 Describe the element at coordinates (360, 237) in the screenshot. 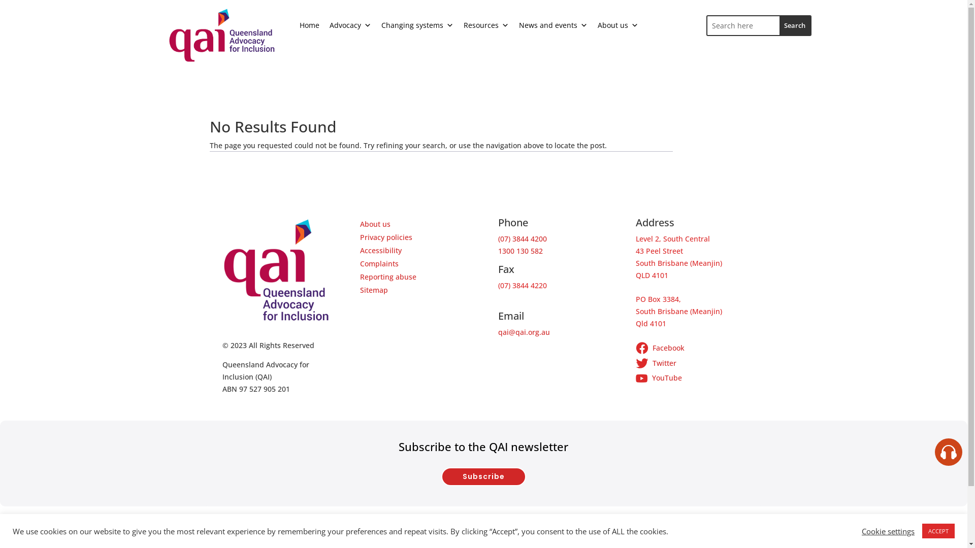

I see `'Privacy policies'` at that location.